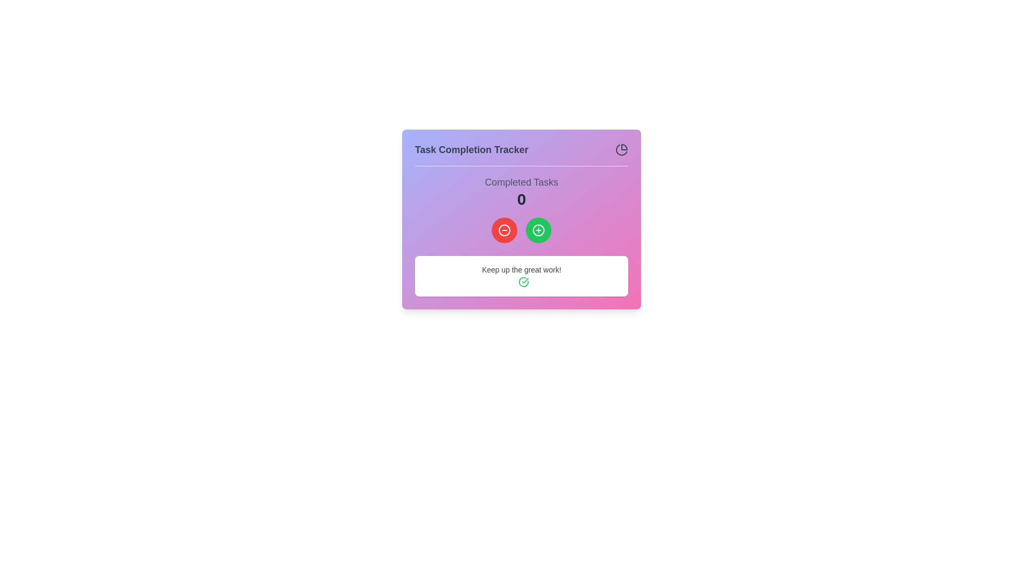  What do you see at coordinates (471, 150) in the screenshot?
I see `the text label that reads 'Task Completion Tracker', which is styled in bold dark gray font and is positioned at the top-left section of the header area` at bounding box center [471, 150].